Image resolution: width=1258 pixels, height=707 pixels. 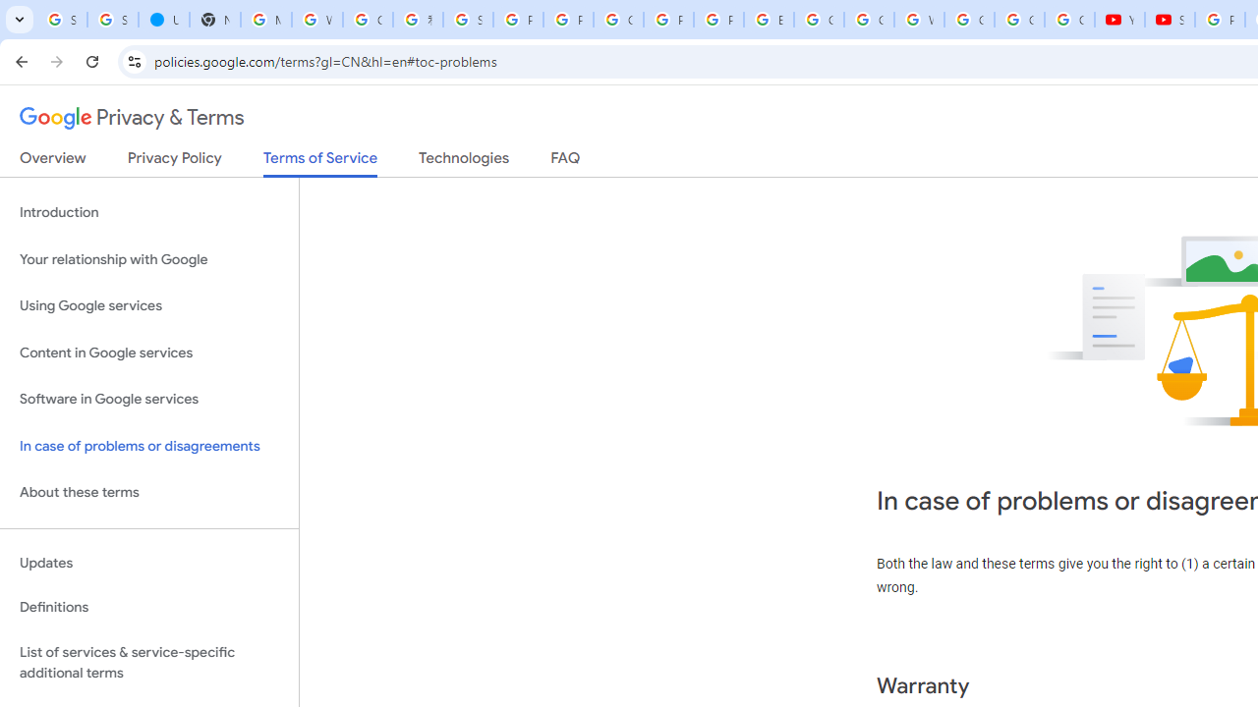 I want to click on 'Edit and view right-to-left text - Google Docs Editors Help', so click(x=768, y=20).